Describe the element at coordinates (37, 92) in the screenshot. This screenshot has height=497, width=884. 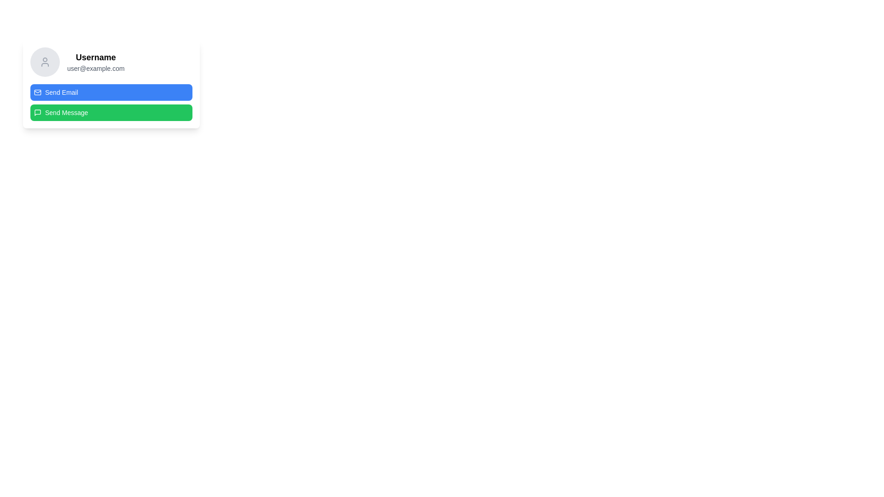
I see `the icon background of the envelope symbolizing email, which is part of the 'Send Email' button` at that location.